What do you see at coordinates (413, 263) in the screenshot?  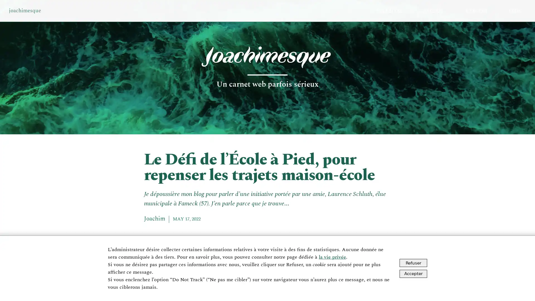 I see `Refuser` at bounding box center [413, 263].